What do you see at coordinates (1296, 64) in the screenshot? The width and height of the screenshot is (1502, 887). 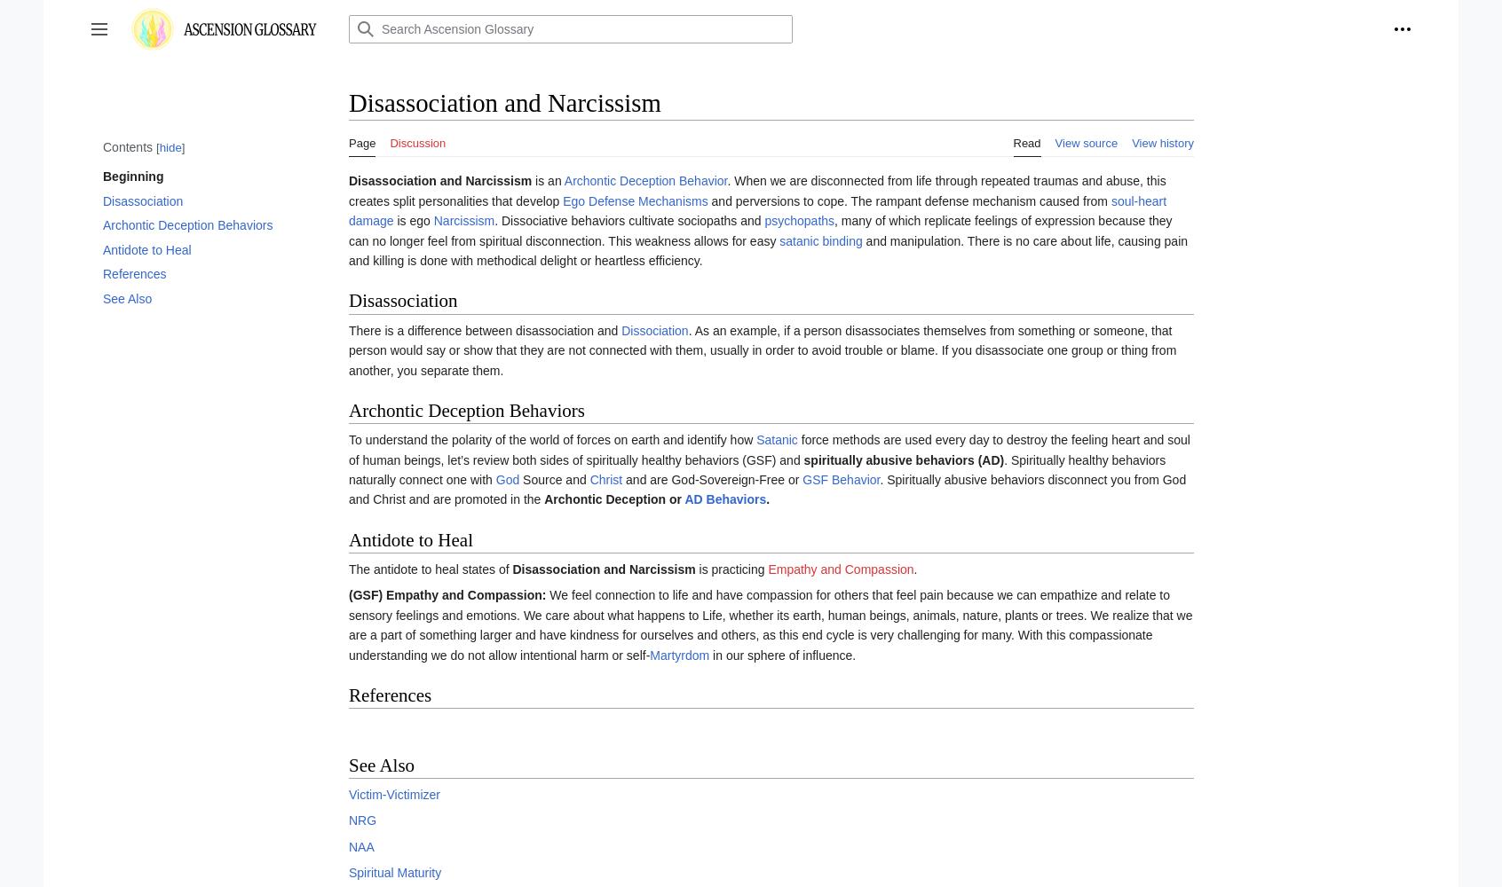 I see `'Log in'` at bounding box center [1296, 64].